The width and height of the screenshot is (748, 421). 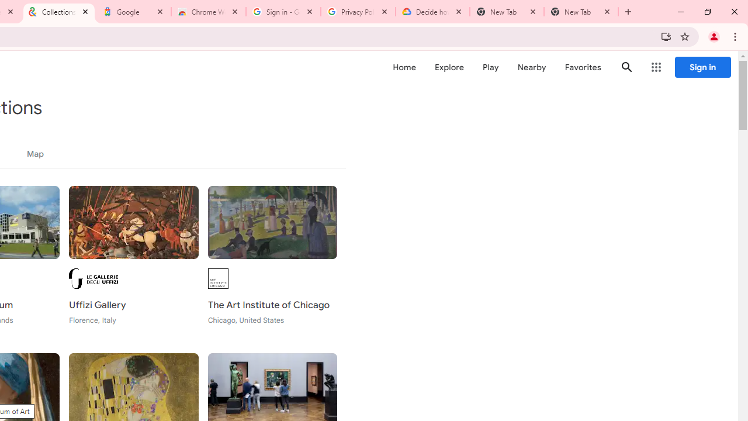 What do you see at coordinates (134, 12) in the screenshot?
I see `'Google'` at bounding box center [134, 12].